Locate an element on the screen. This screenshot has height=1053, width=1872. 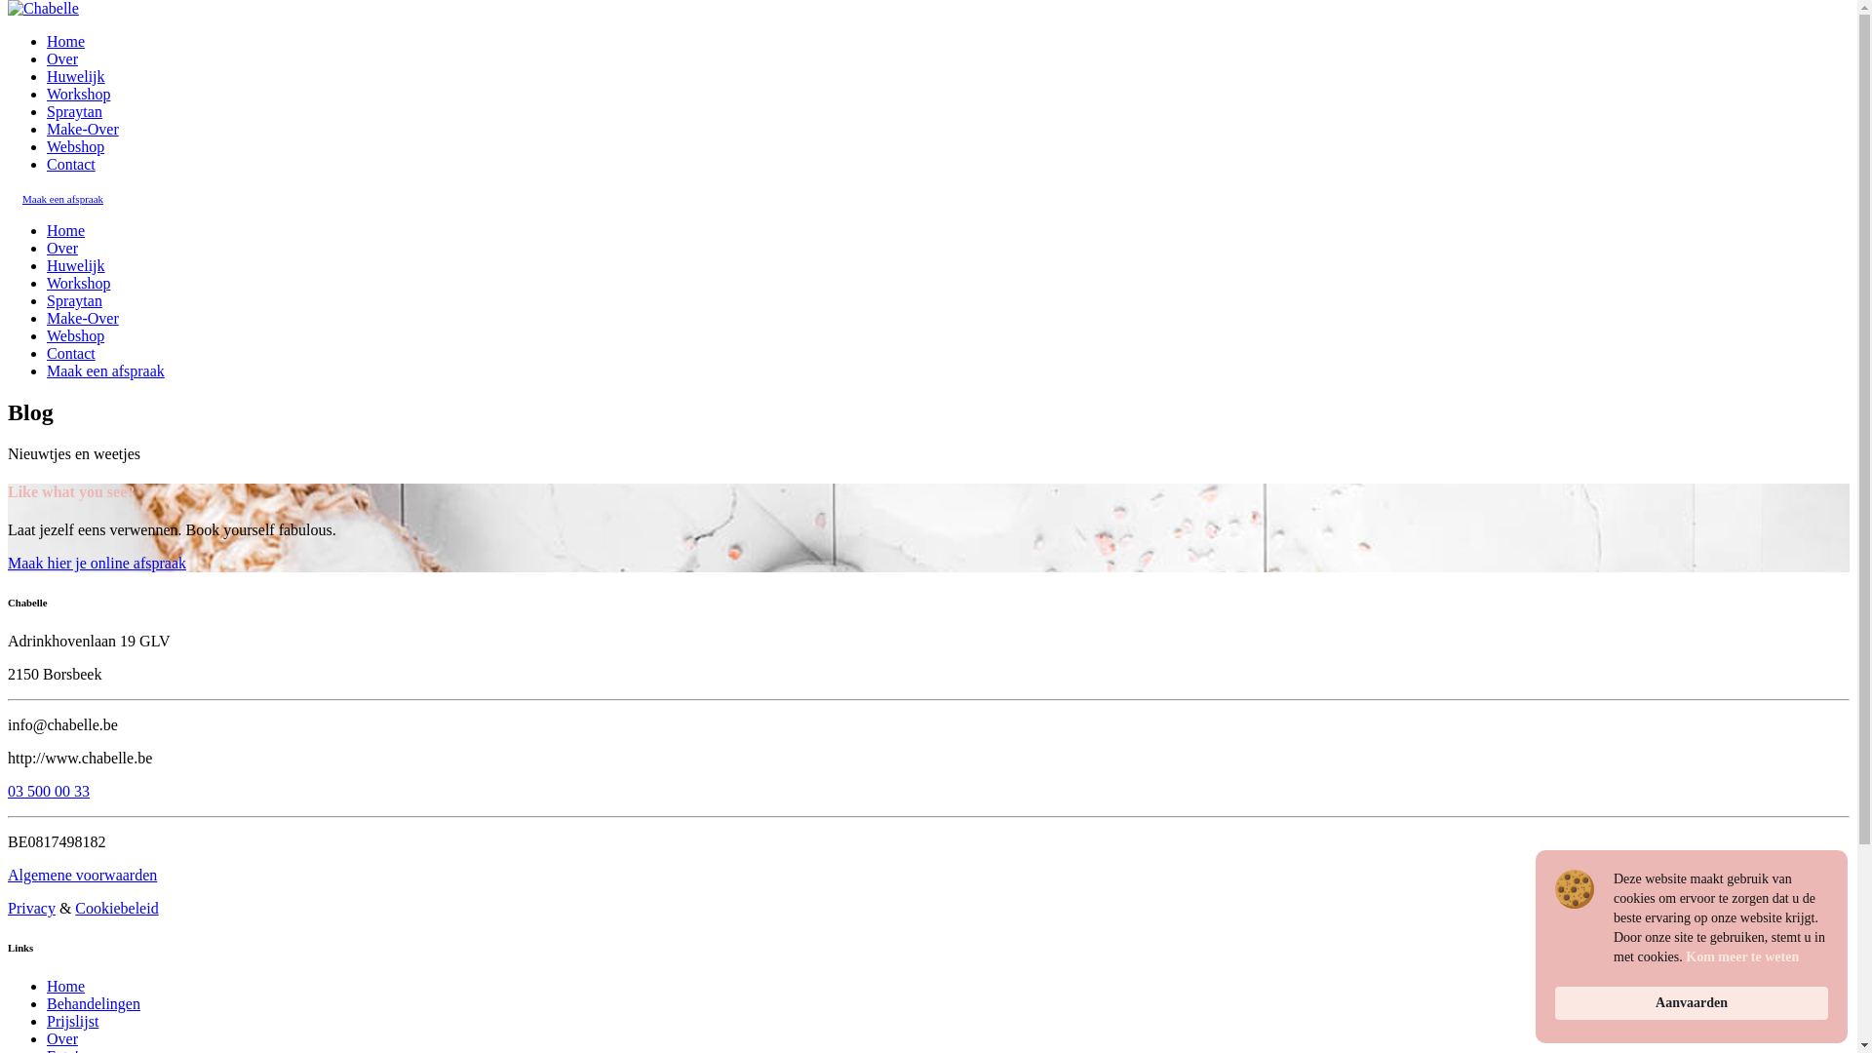
'Kom meer te weten' is located at coordinates (1741, 956).